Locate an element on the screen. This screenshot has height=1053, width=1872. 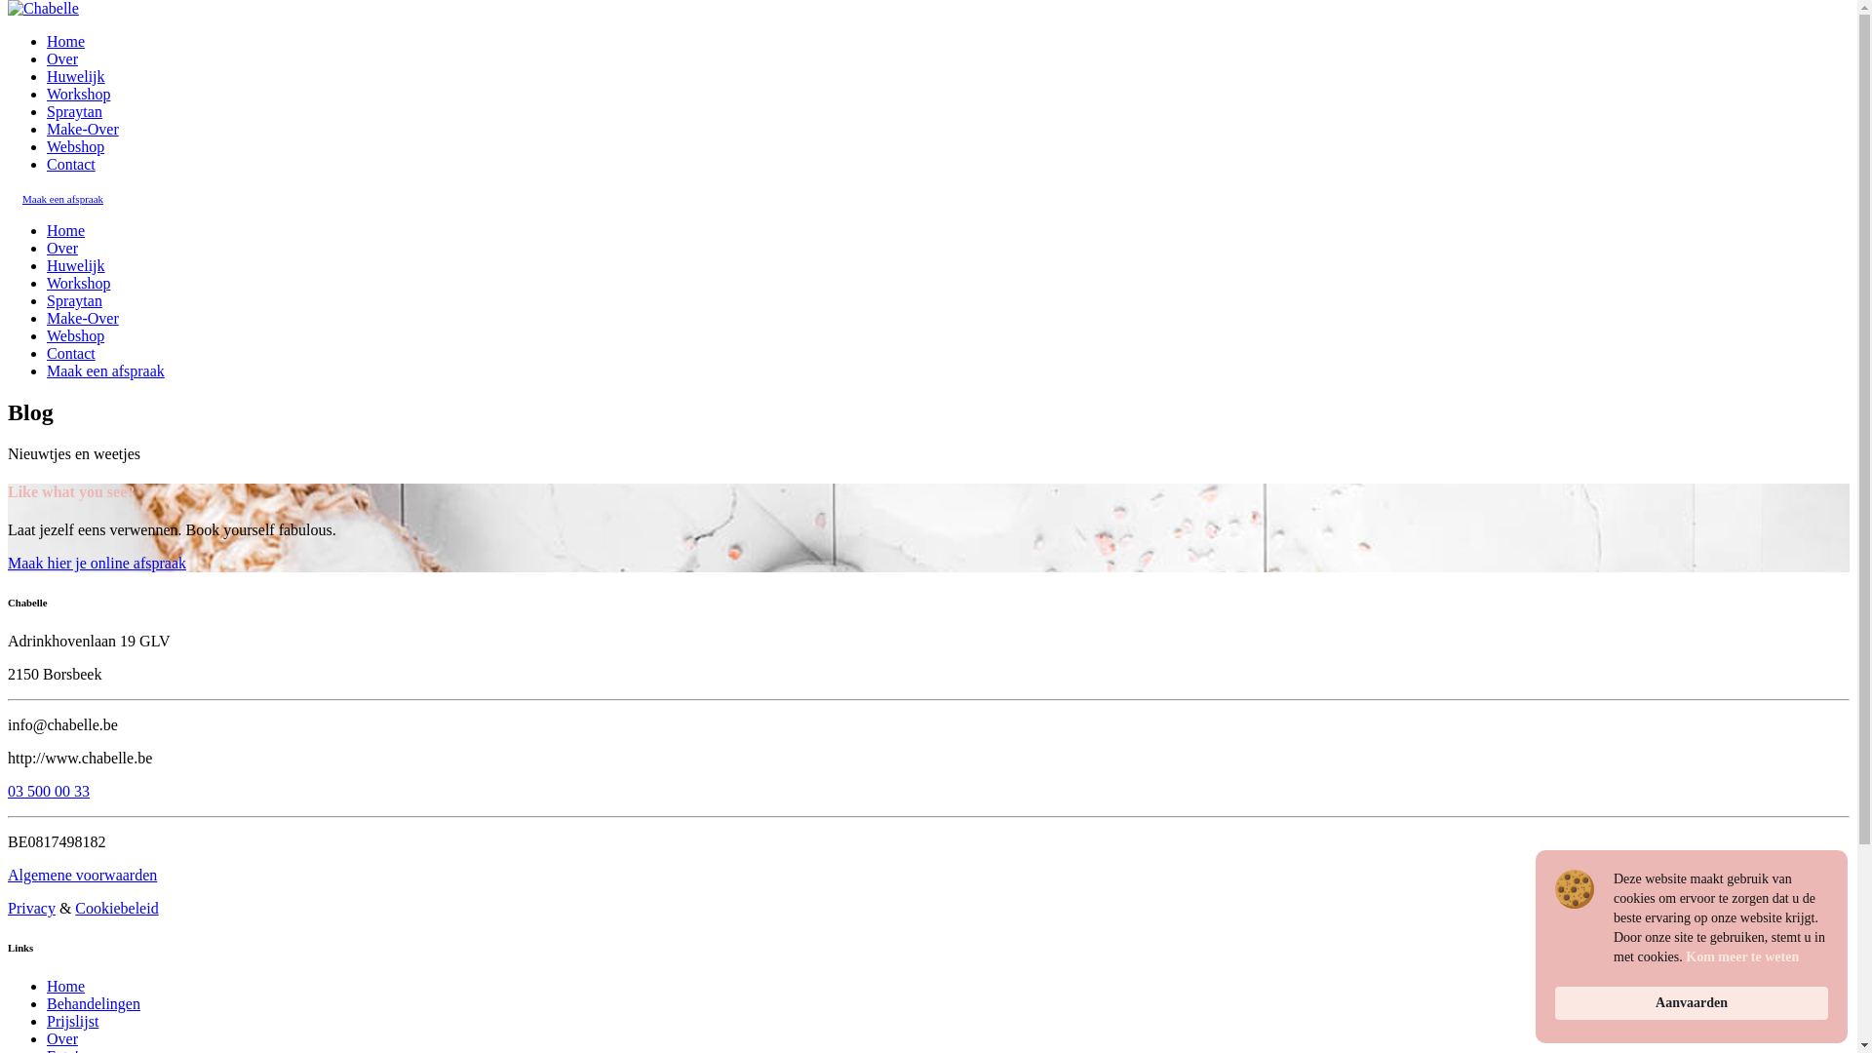
'Kom meer te weten' is located at coordinates (1741, 956).